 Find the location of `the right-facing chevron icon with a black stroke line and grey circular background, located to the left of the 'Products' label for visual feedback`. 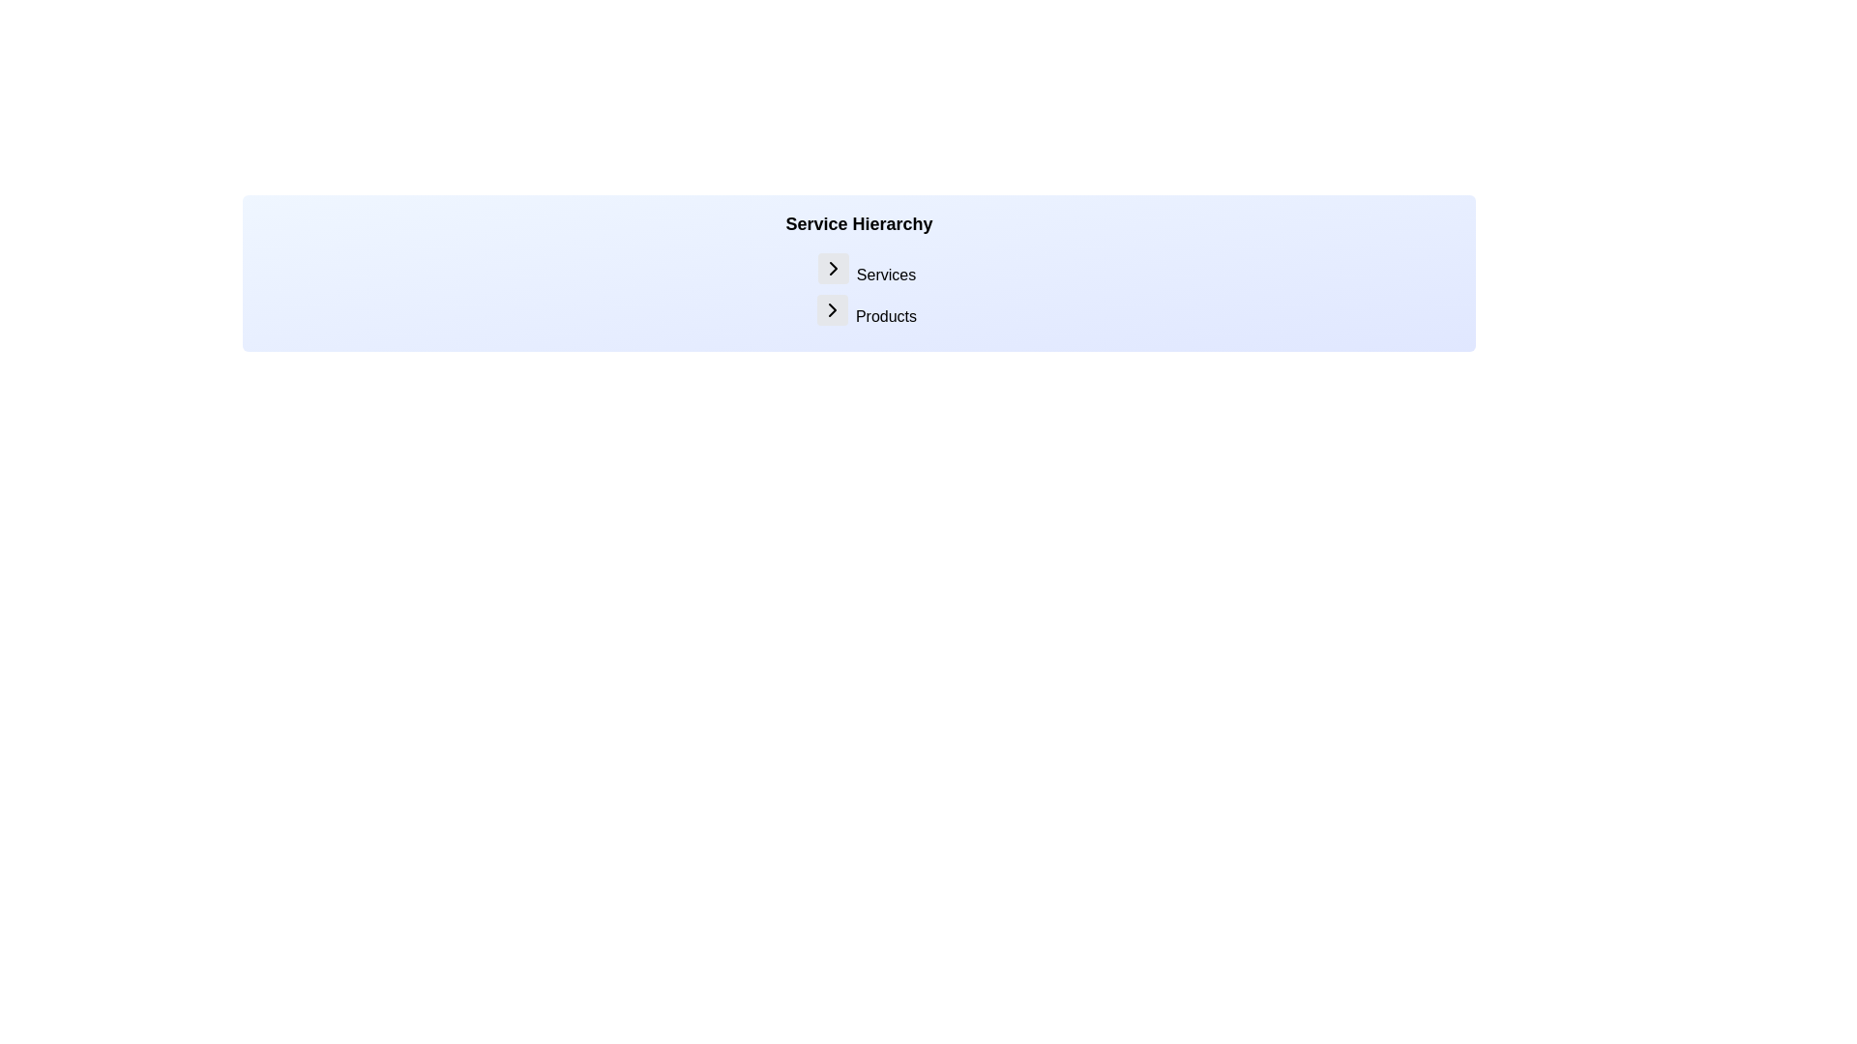

the right-facing chevron icon with a black stroke line and grey circular background, located to the left of the 'Products' label for visual feedback is located at coordinates (832, 308).